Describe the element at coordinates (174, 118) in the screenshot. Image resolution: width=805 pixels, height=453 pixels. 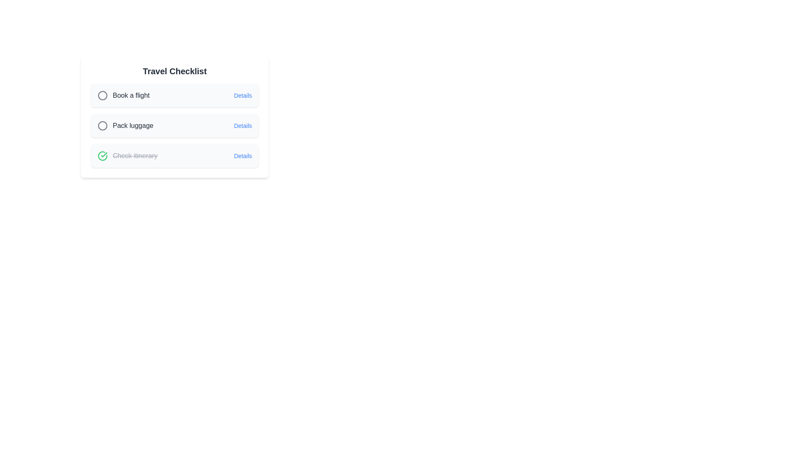
I see `the list item titled 'Pack luggage' in the travel checklist, which includes a 'Details' link for further actions` at that location.